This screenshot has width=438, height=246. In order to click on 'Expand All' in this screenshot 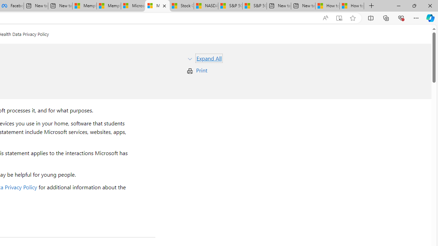, I will do `click(209, 58)`.